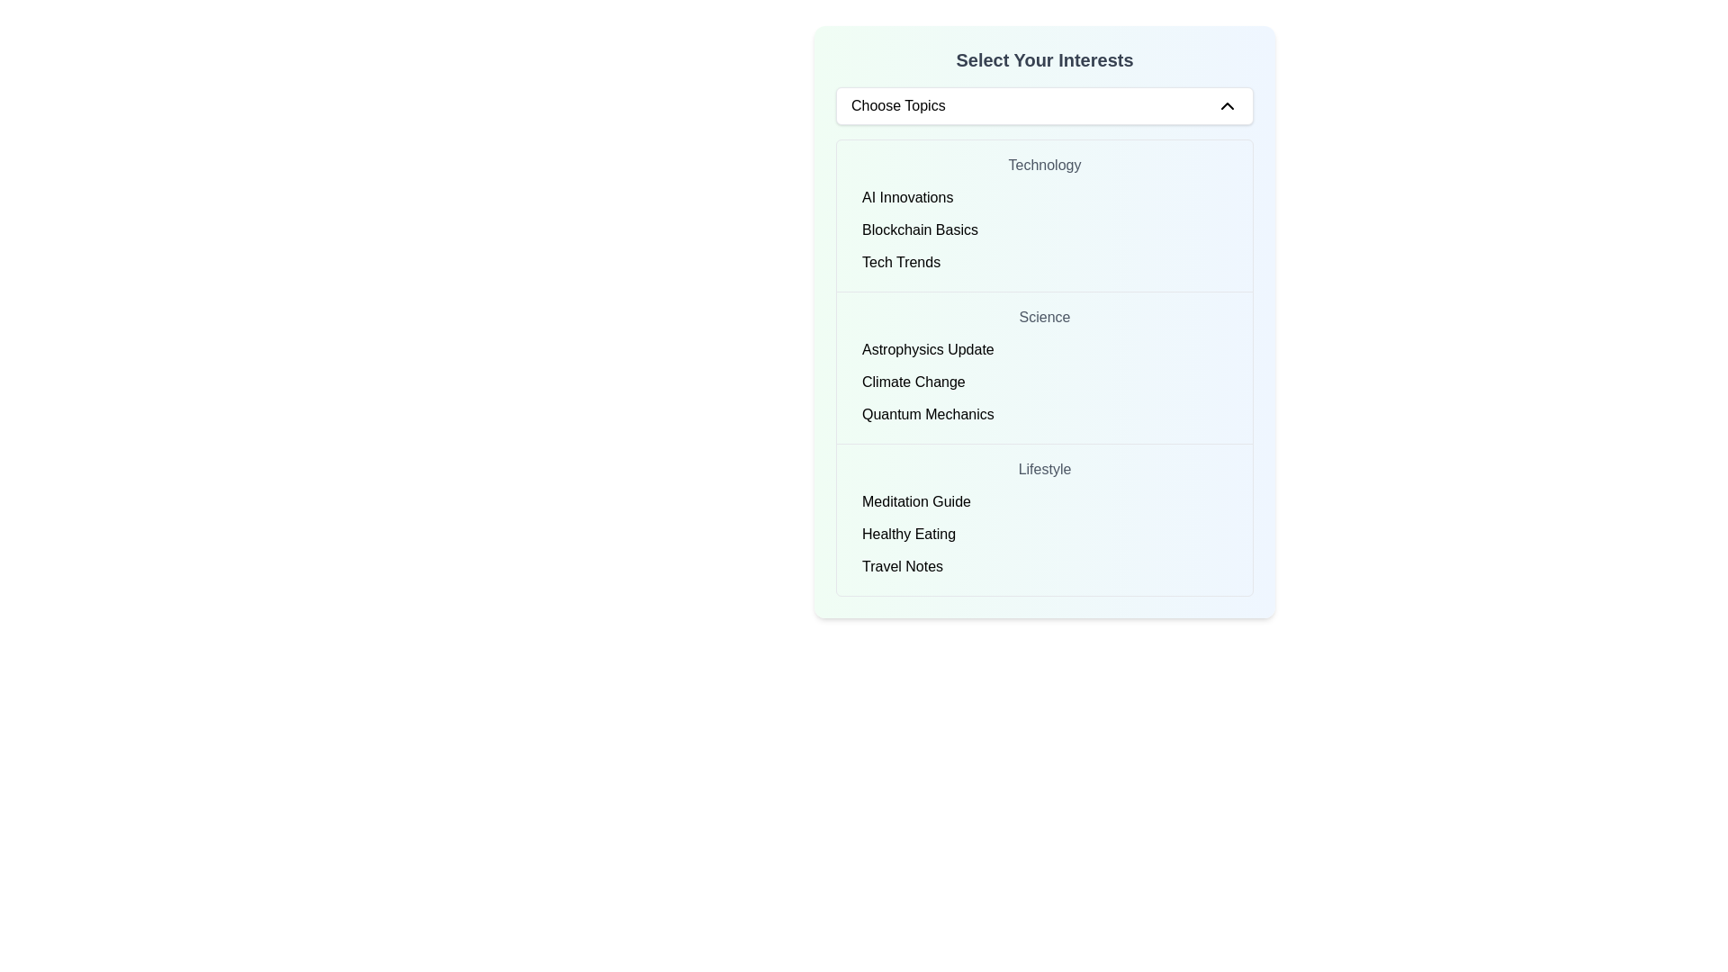 This screenshot has height=972, width=1728. Describe the element at coordinates (1045, 366) in the screenshot. I see `the 'Climate Change' item located under the 'Science' category in the list of clickable items` at that location.